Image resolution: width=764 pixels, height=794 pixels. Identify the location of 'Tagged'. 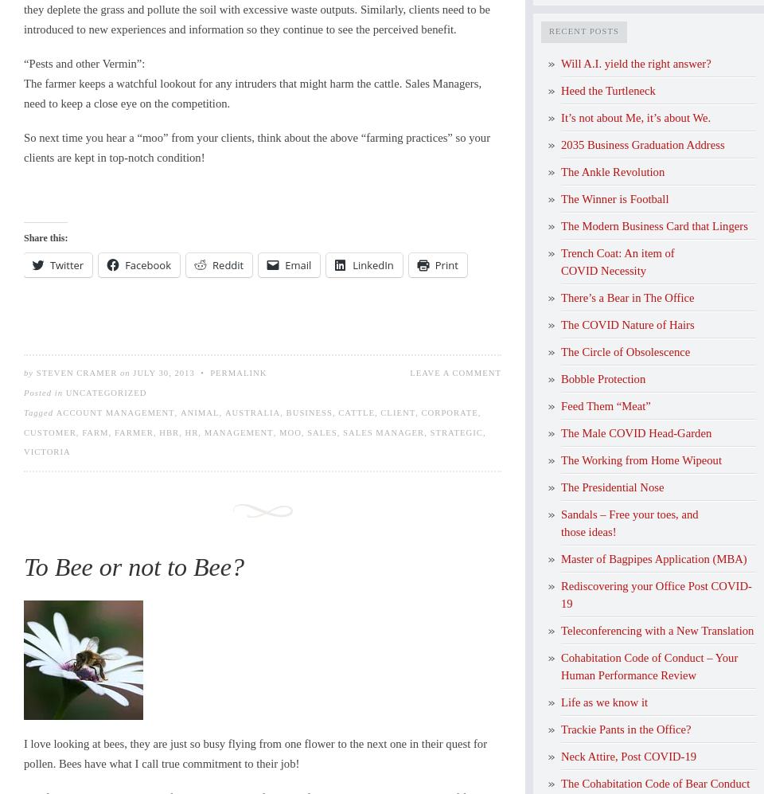
(39, 411).